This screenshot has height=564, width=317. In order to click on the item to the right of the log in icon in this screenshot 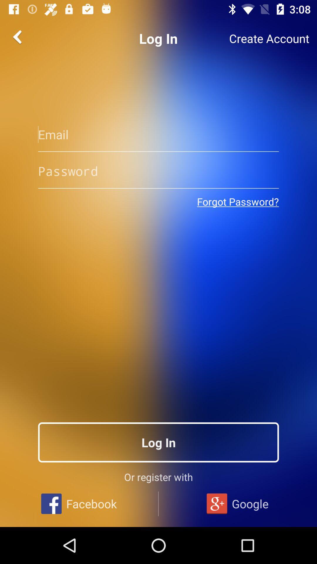, I will do `click(269, 38)`.